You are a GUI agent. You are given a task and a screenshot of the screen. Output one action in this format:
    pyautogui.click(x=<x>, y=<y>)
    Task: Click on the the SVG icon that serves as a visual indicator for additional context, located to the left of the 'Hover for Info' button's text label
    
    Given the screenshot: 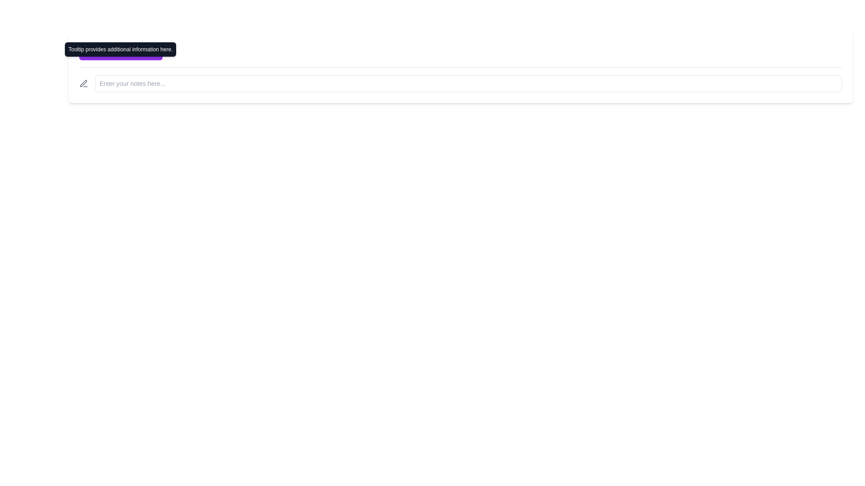 What is the action you would take?
    pyautogui.click(x=91, y=51)
    